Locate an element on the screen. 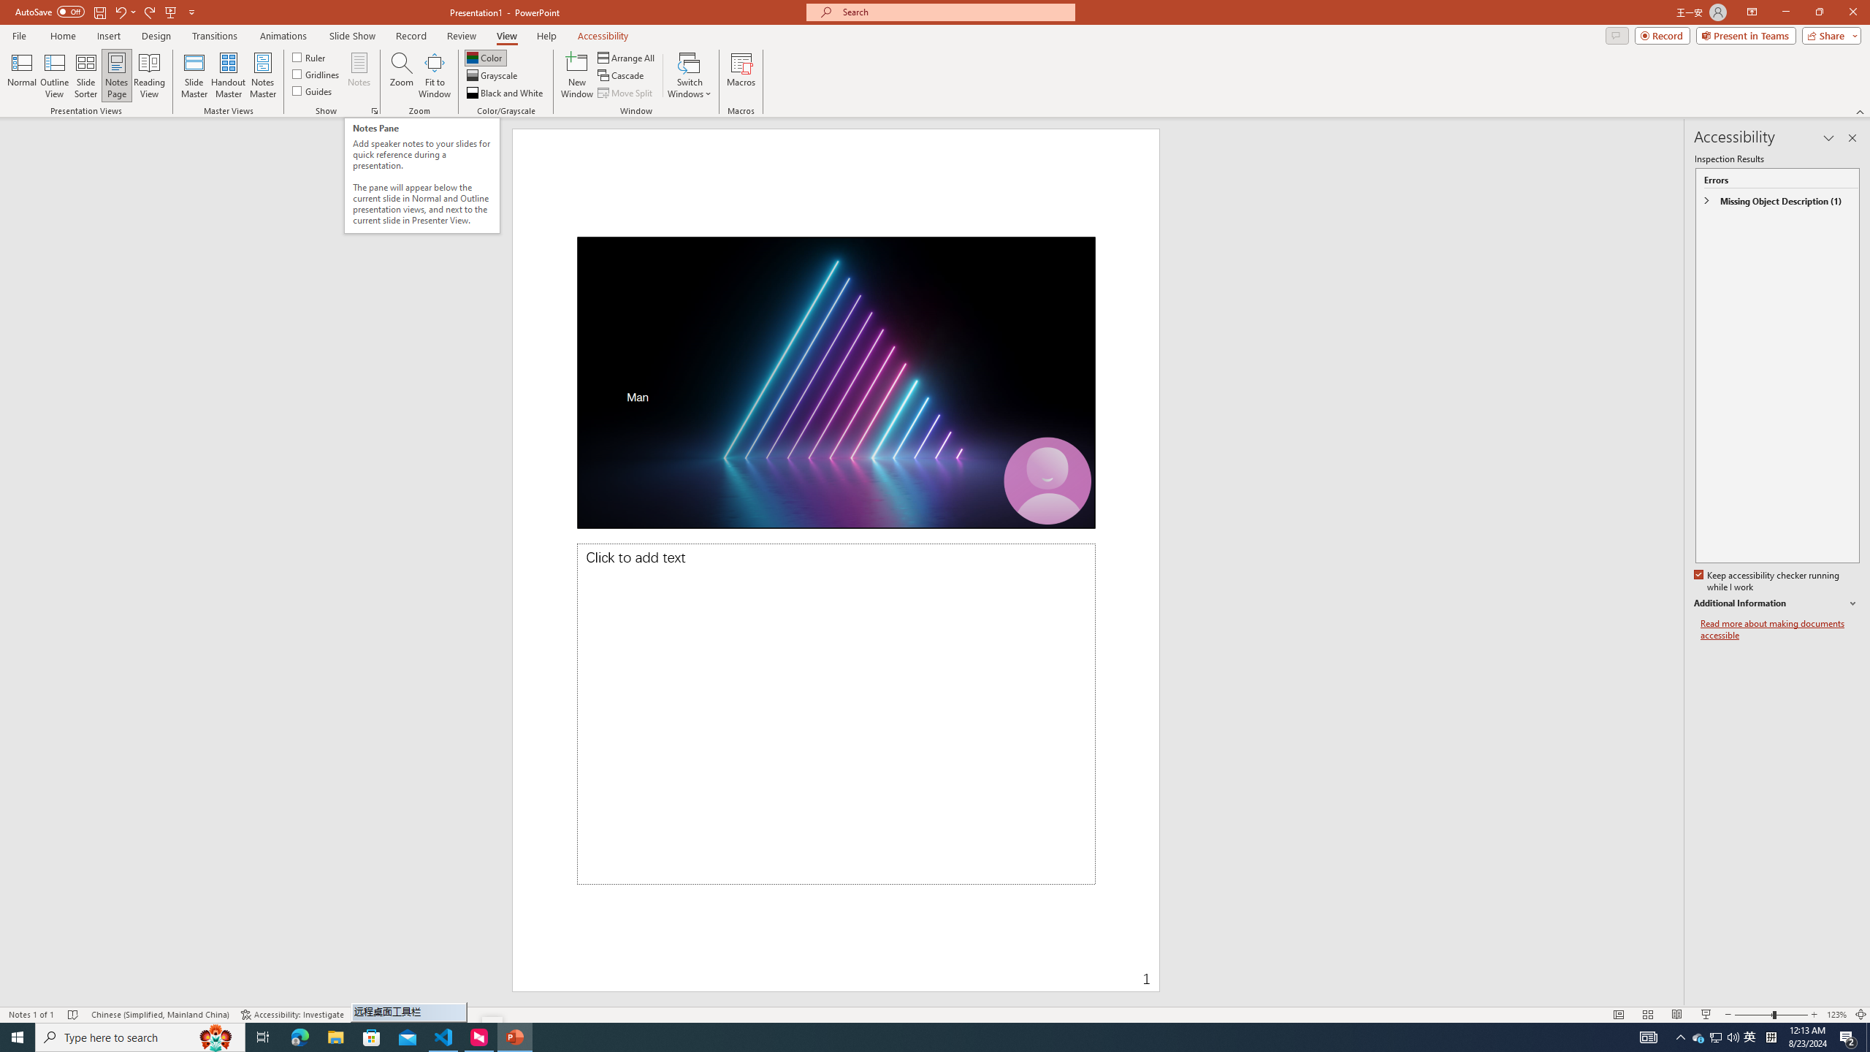  'Slide Master' is located at coordinates (194, 75).